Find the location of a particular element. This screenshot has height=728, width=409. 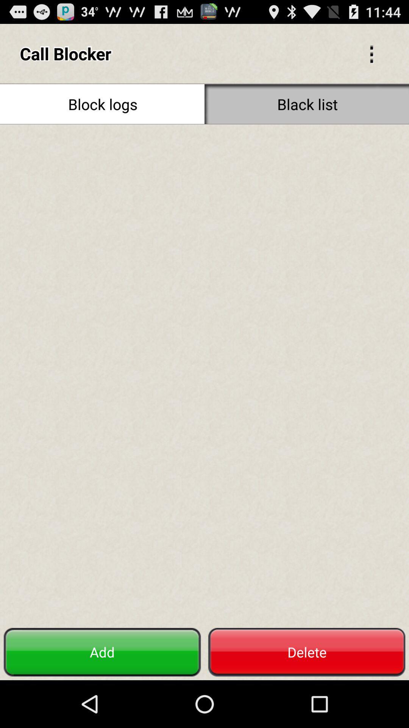

icon next to add icon is located at coordinates (307, 652).